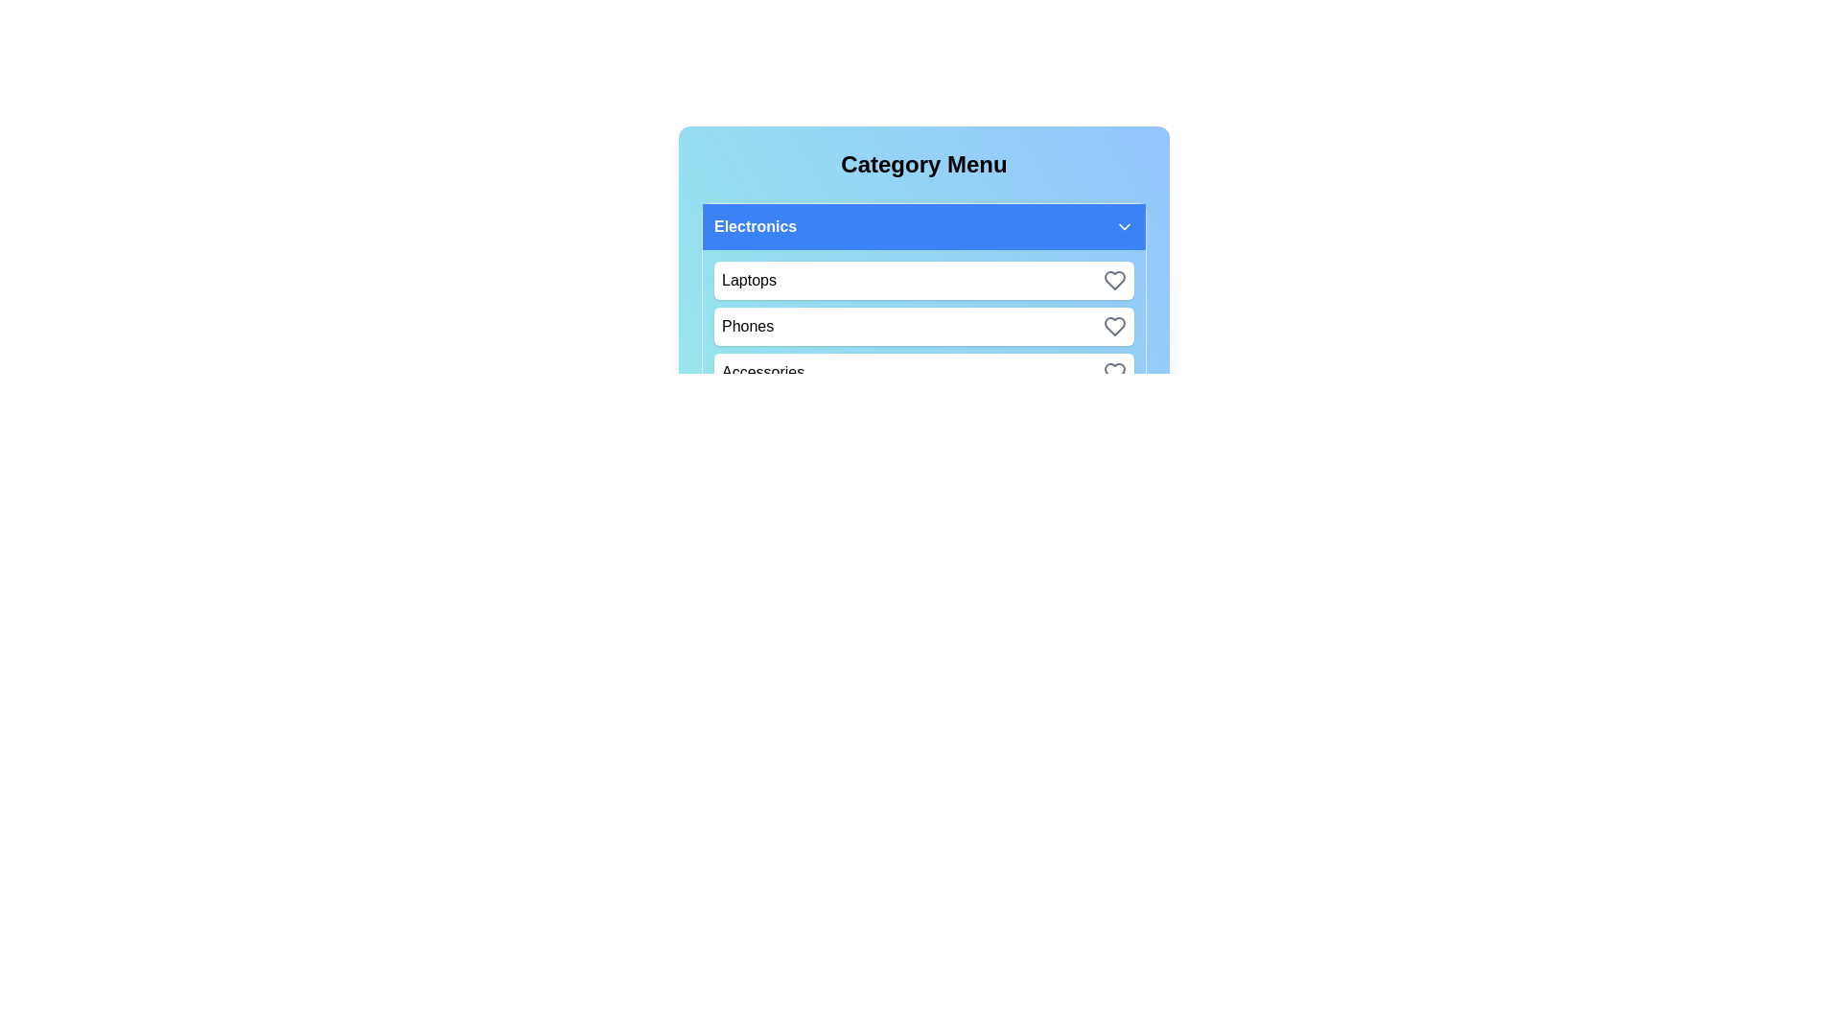 This screenshot has width=1841, height=1035. What do you see at coordinates (924, 325) in the screenshot?
I see `the 'Phones' category selection button located in the second position of a vertical list under the 'Electronics' category menu, positioned between 'Laptops' and 'Accessories'` at bounding box center [924, 325].